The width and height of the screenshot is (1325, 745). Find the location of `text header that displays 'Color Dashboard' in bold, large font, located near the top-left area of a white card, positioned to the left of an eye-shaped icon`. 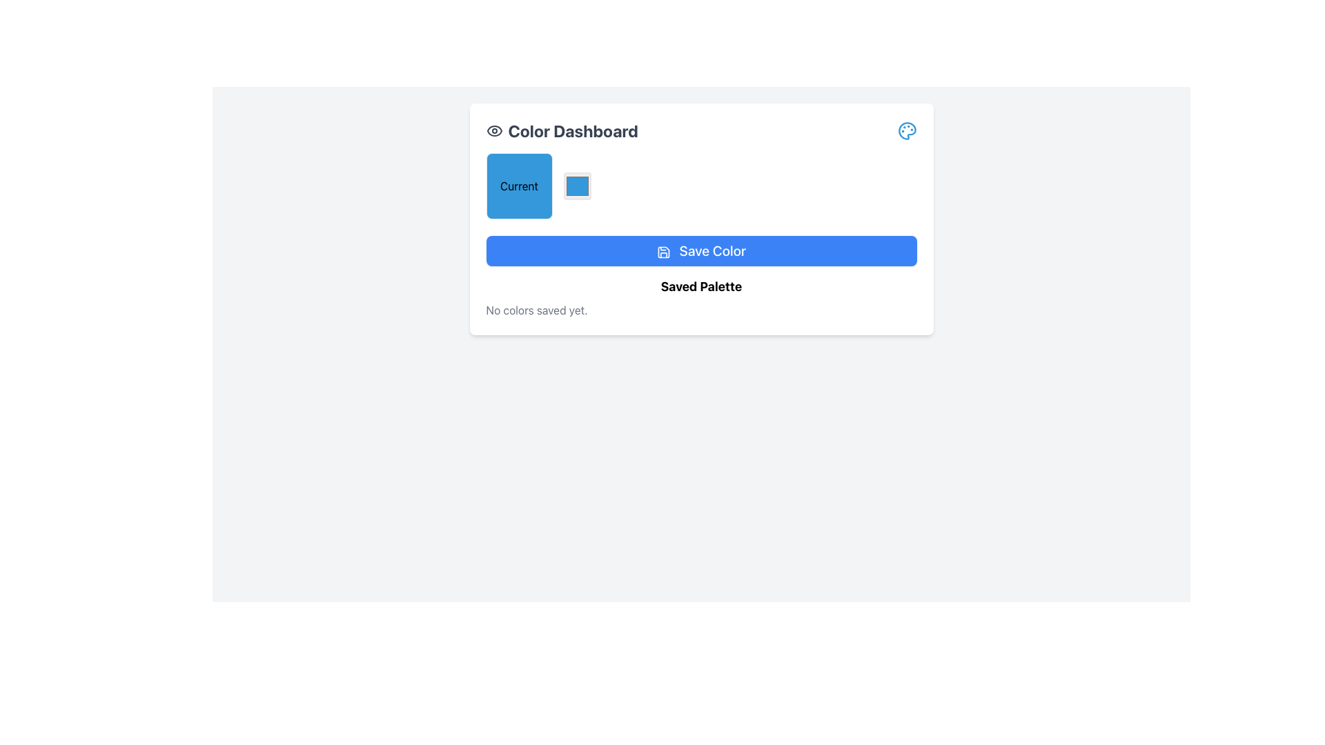

text header that displays 'Color Dashboard' in bold, large font, located near the top-left area of a white card, positioned to the left of an eye-shaped icon is located at coordinates (562, 130).